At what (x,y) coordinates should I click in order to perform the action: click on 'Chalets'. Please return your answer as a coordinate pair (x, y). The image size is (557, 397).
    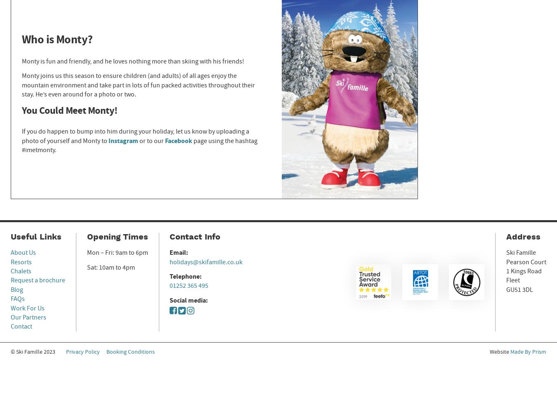
    Looking at the image, I should click on (20, 271).